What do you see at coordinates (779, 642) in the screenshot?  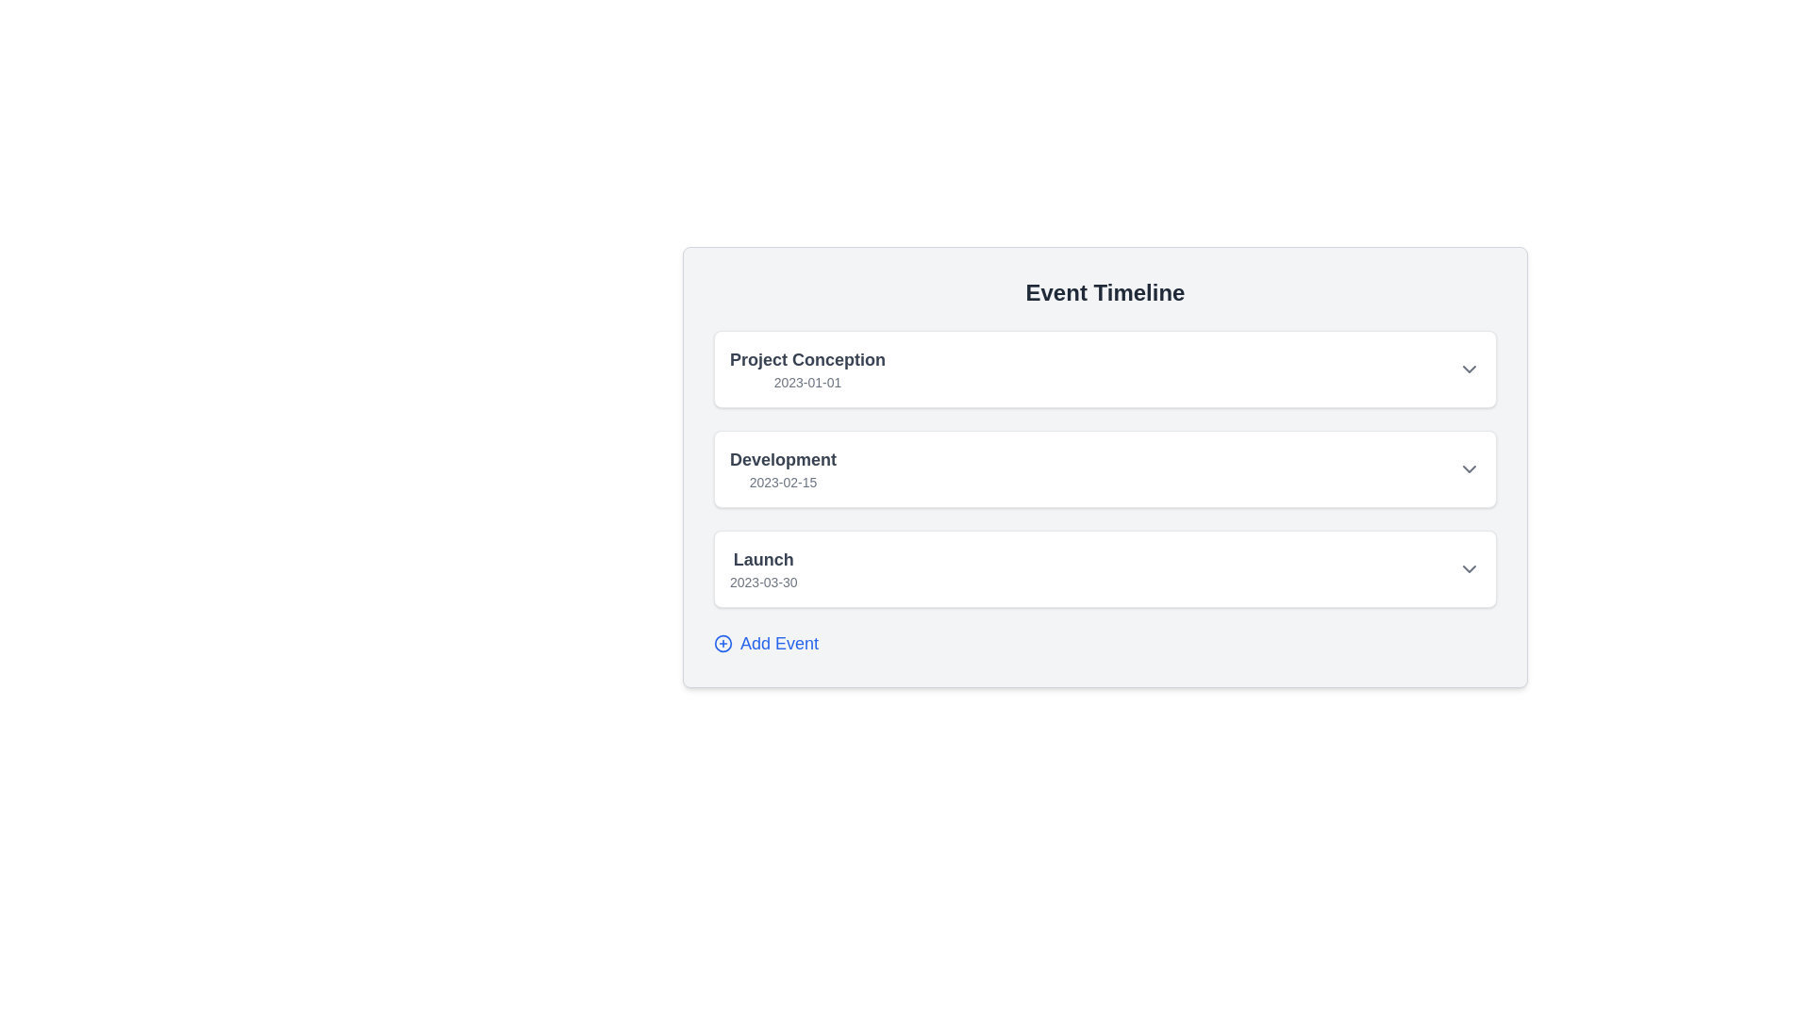 I see `the static text display that serves as a label or instruction for adding a new event to the timeline, located at the bottom of the timeline-like component` at bounding box center [779, 642].